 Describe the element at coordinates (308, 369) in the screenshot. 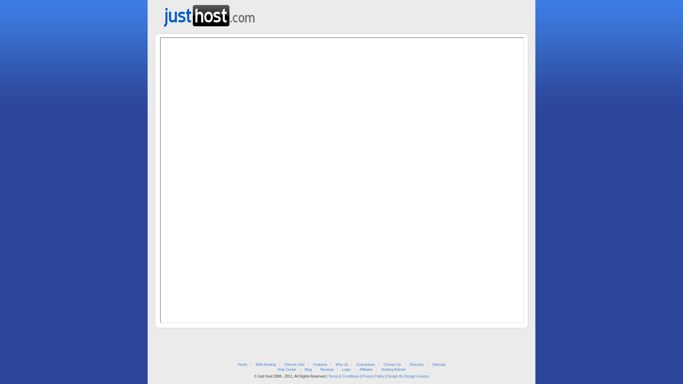

I see `'Blog'` at that location.